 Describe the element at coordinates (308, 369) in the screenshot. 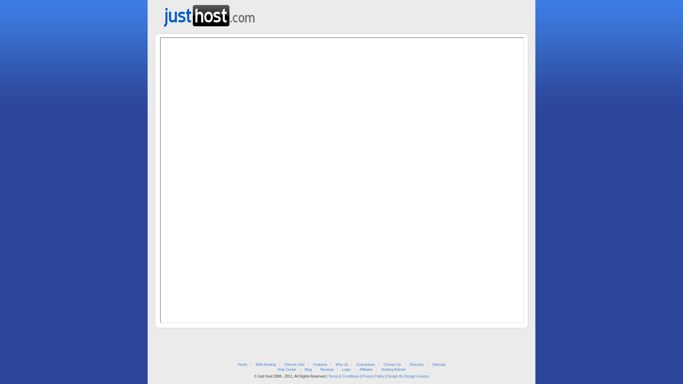

I see `'Blog'` at that location.